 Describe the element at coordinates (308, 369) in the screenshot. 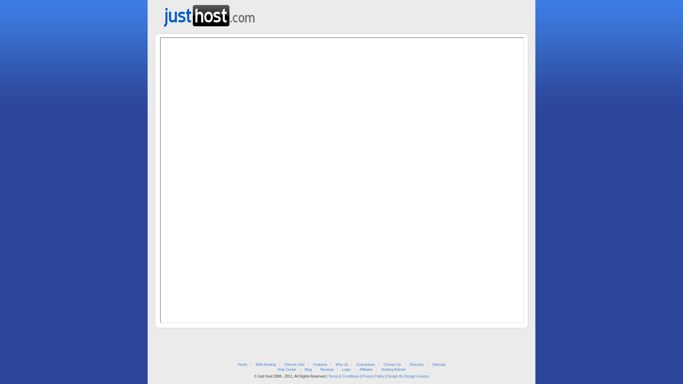

I see `'Blog'` at that location.